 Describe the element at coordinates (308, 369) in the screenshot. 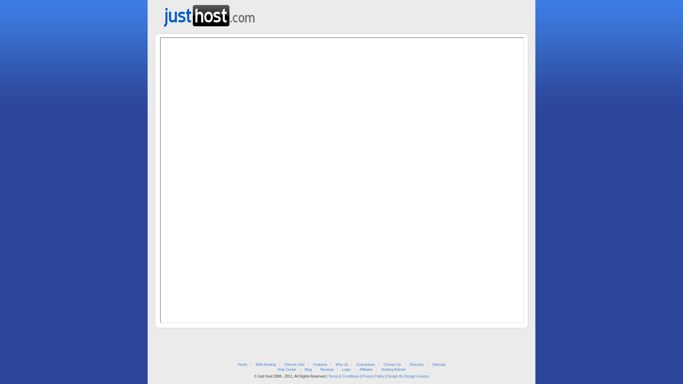

I see `'Blog'` at that location.